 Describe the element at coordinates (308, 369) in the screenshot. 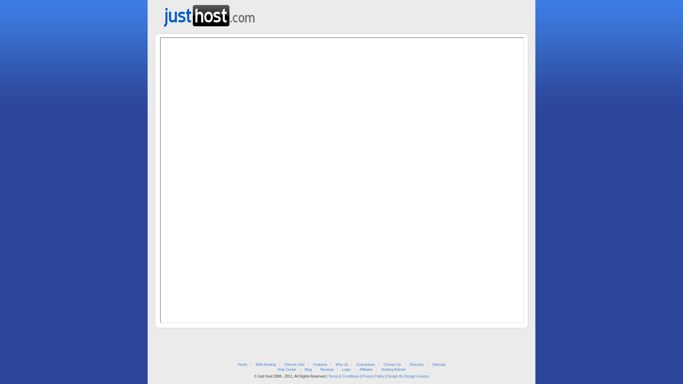

I see `'Blog'` at that location.